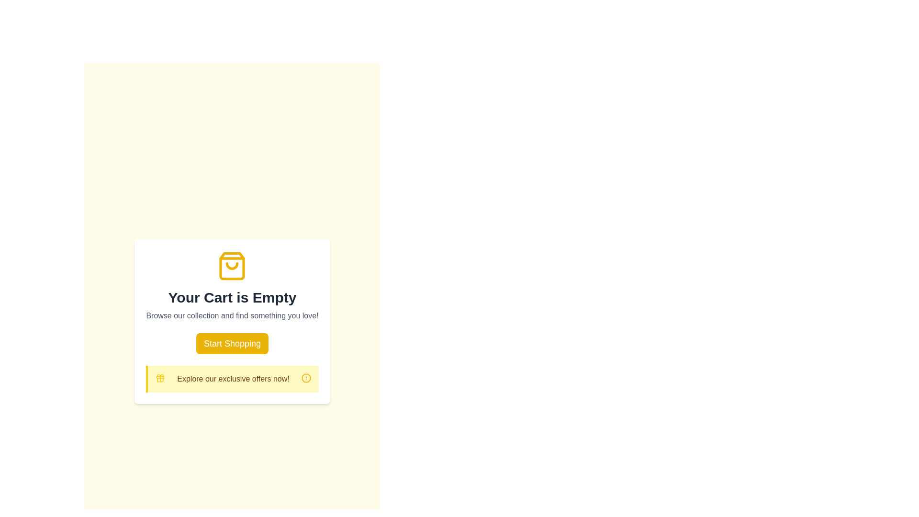 Image resolution: width=919 pixels, height=517 pixels. Describe the element at coordinates (232, 266) in the screenshot. I see `the decorative shopping bag icon located at the top center of the white rounded card that contains the 'Your Cart is Empty' message` at that location.